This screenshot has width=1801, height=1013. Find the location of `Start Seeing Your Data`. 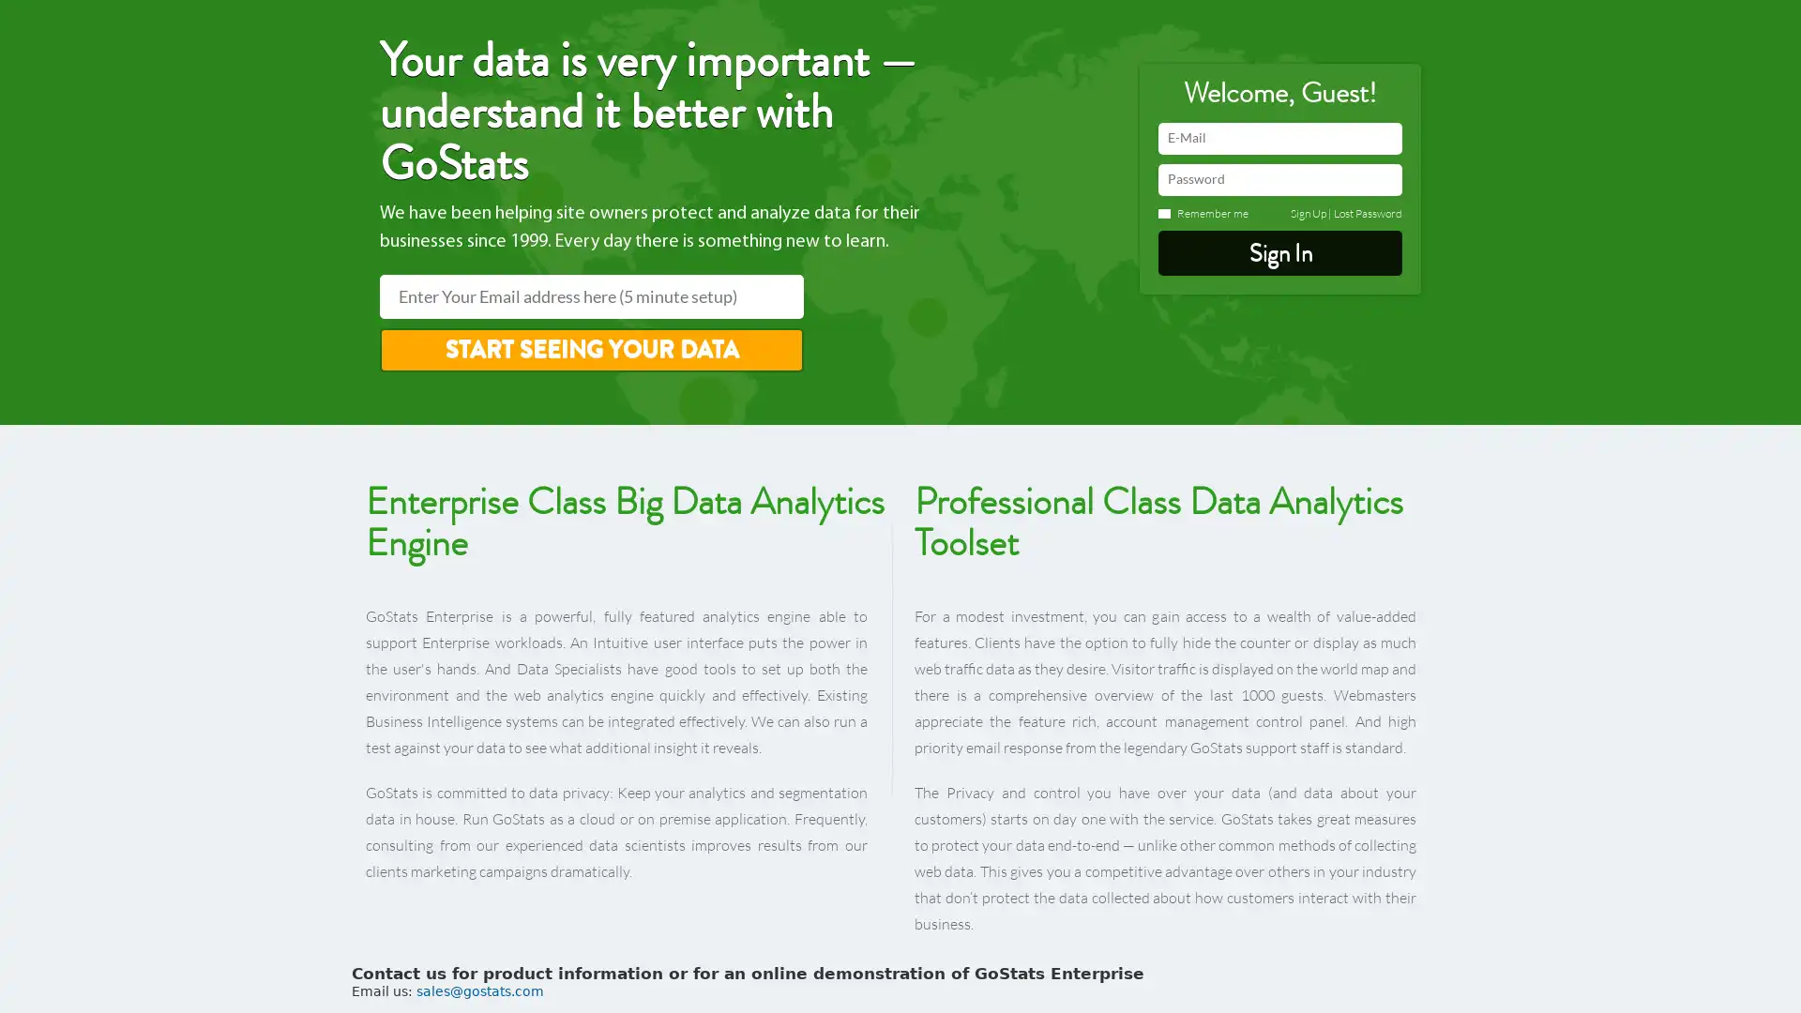

Start Seeing Your Data is located at coordinates (590, 350).